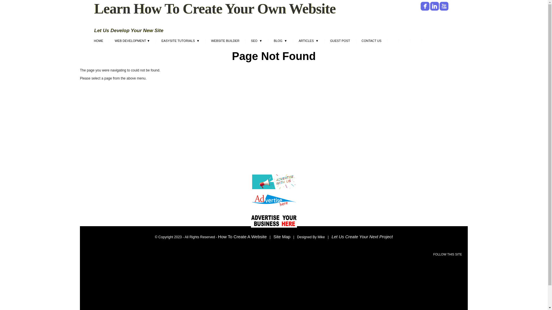 Image resolution: width=552 pixels, height=310 pixels. I want to click on 'BLOG ', so click(267, 41).